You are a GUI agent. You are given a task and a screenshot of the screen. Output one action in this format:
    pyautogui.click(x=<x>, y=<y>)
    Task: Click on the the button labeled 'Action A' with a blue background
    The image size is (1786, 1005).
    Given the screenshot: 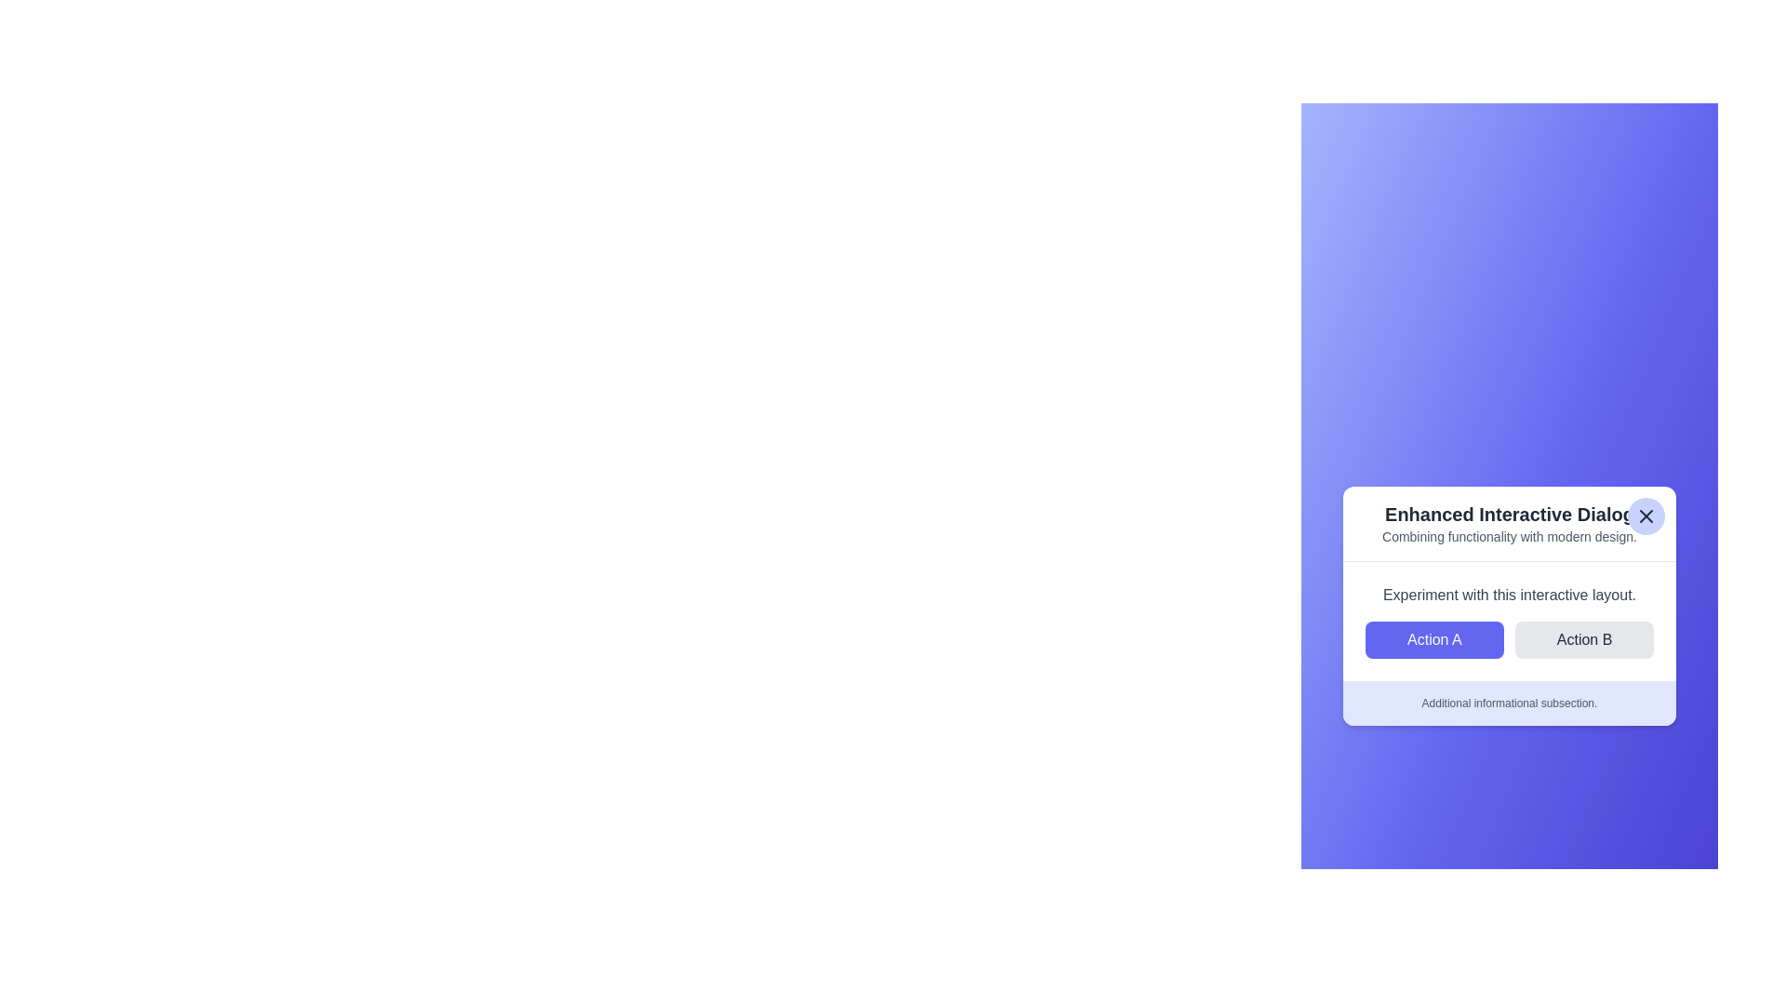 What is the action you would take?
    pyautogui.click(x=1433, y=638)
    